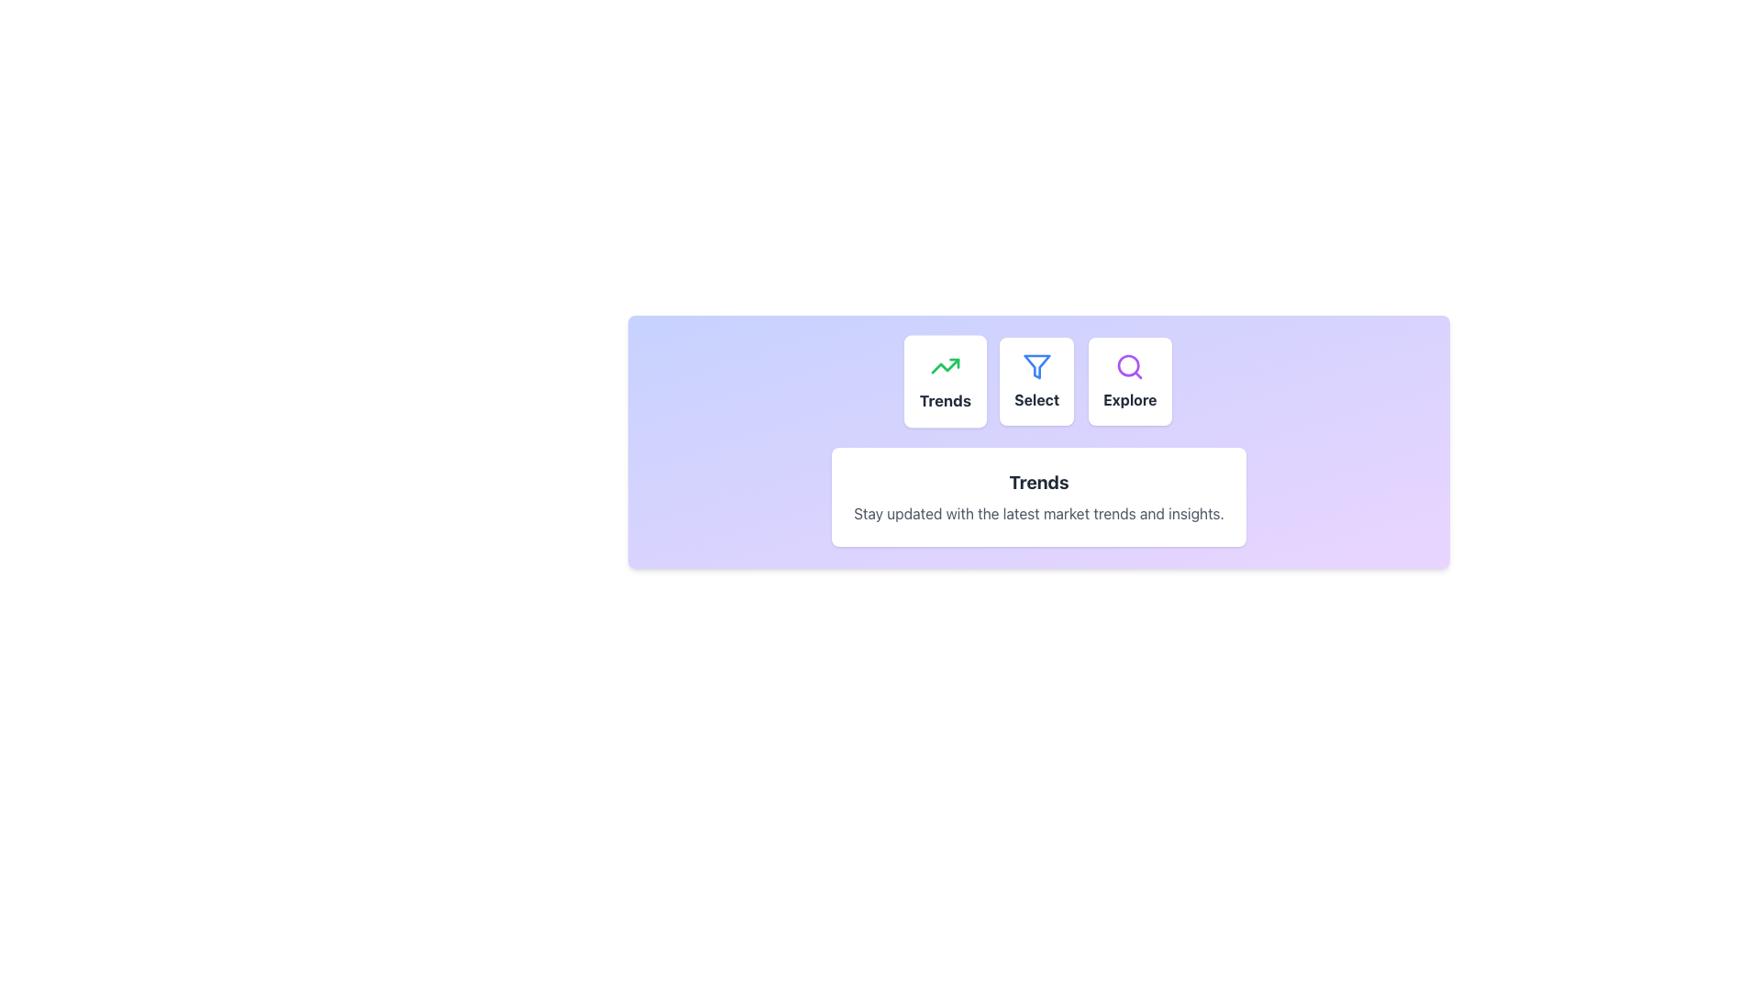 The height and width of the screenshot is (991, 1761). What do you see at coordinates (1038, 381) in the screenshot?
I see `the interactive button located between the 'Trends' and 'Explore' buttons` at bounding box center [1038, 381].